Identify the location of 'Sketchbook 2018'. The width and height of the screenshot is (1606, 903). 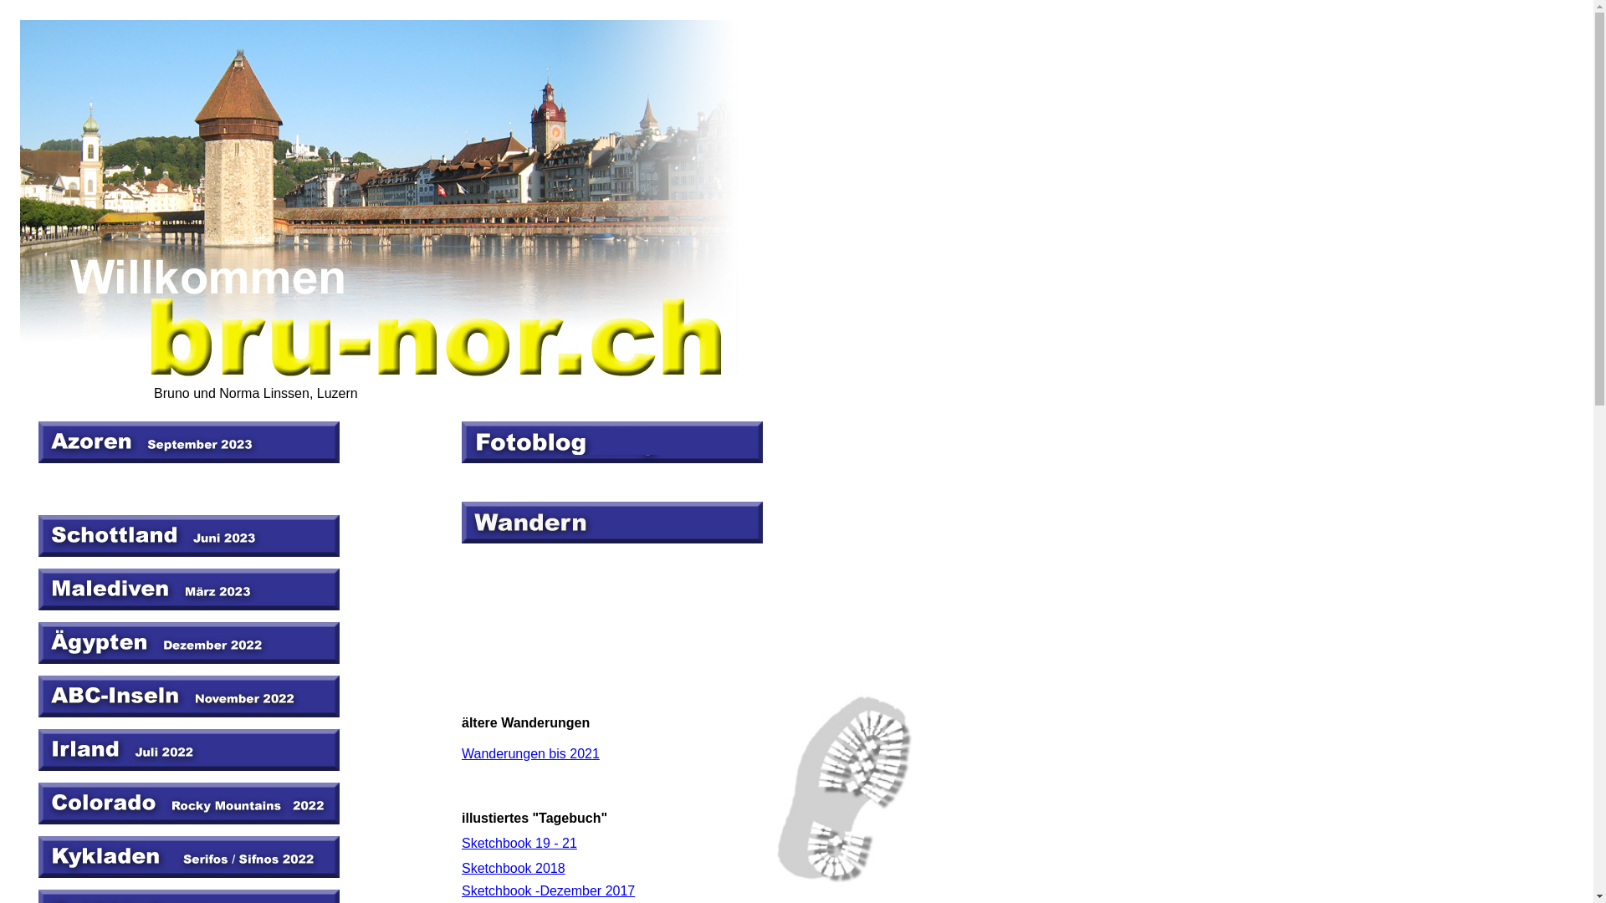
(462, 867).